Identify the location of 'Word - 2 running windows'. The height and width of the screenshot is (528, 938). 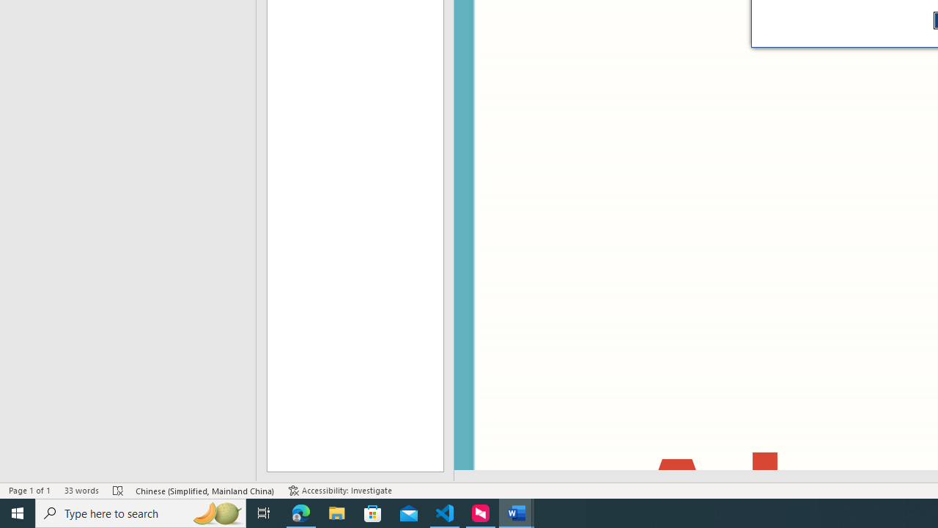
(517, 512).